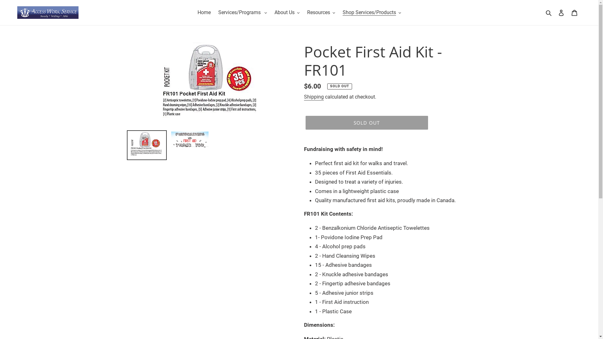  Describe the element at coordinates (366, 122) in the screenshot. I see `'SOLD OUT'` at that location.